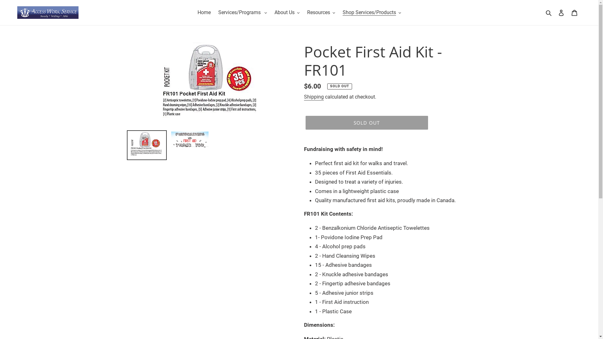  Describe the element at coordinates (366, 122) in the screenshot. I see `'SOLD OUT'` at that location.